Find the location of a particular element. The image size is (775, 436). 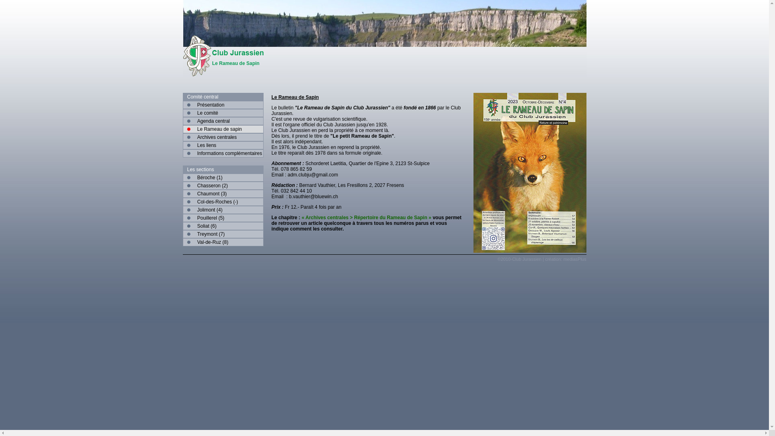

'Chaumont (3)' is located at coordinates (223, 193).